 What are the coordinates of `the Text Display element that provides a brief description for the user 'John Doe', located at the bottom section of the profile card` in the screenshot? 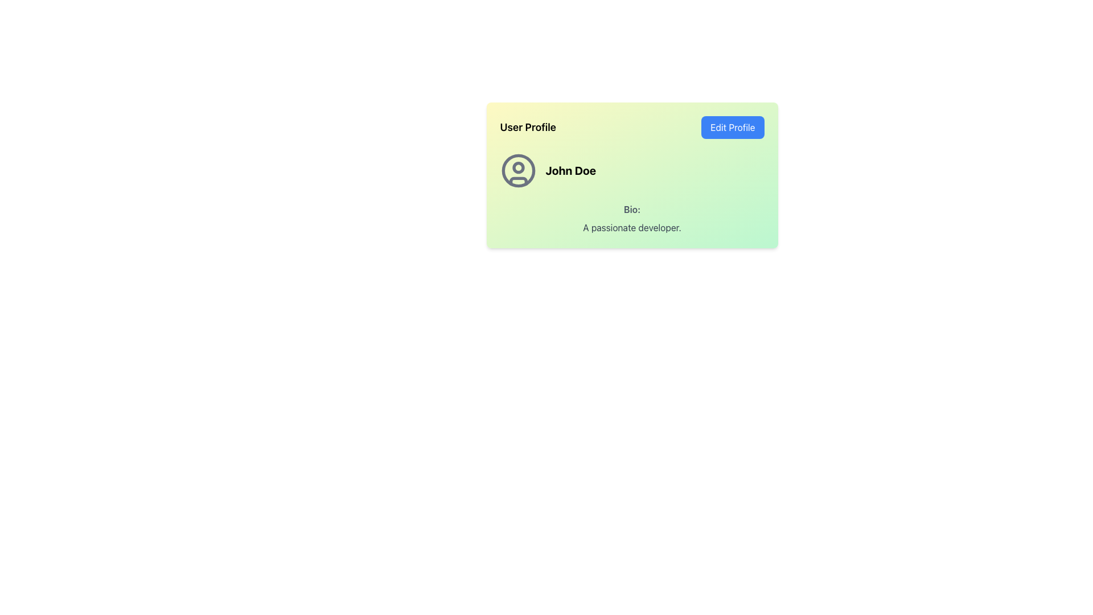 It's located at (631, 219).